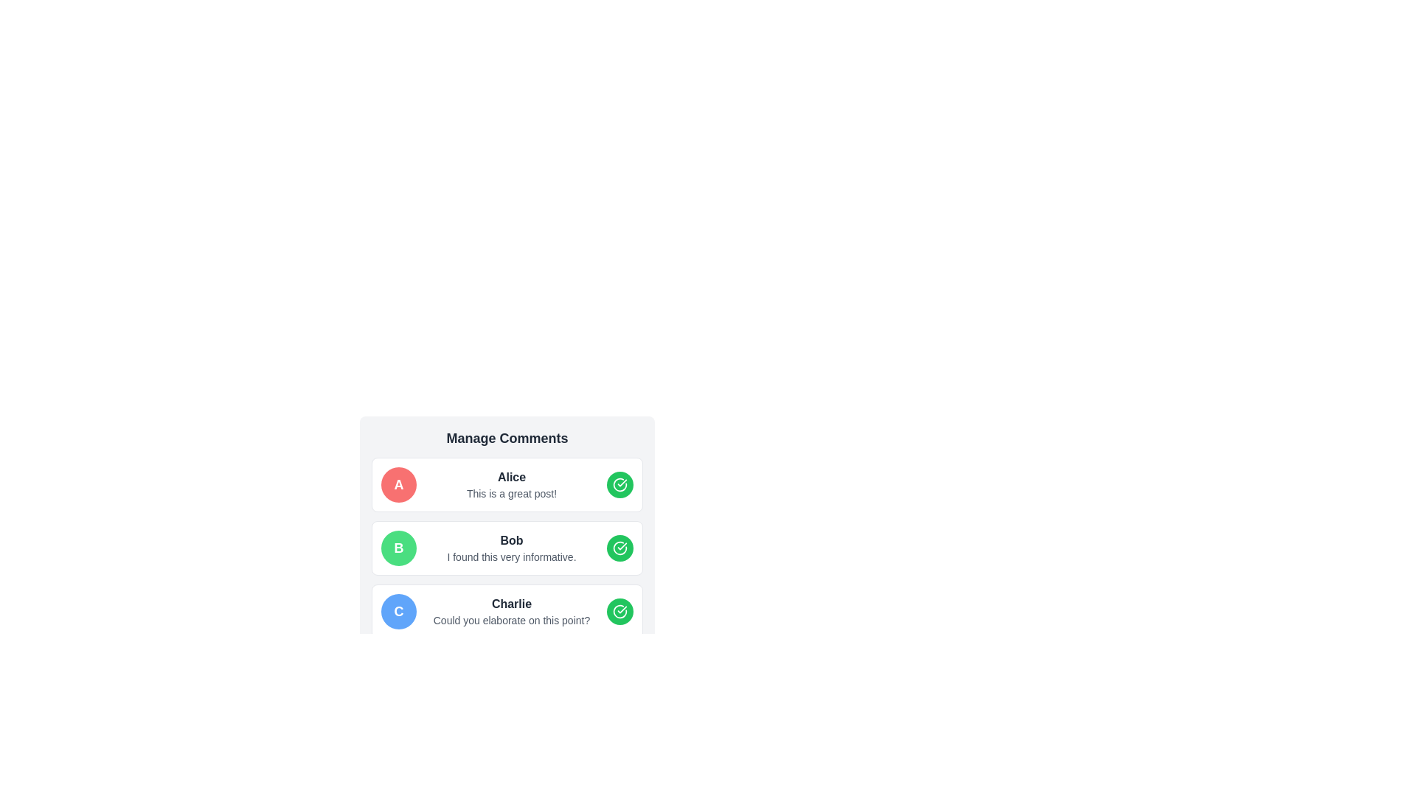 This screenshot has width=1416, height=796. I want to click on the Text Display that shows a user comment, located in the third card of a vertically stacked list, to the right of a circular avatar with the letter 'C' and before a green circular button, so click(512, 611).